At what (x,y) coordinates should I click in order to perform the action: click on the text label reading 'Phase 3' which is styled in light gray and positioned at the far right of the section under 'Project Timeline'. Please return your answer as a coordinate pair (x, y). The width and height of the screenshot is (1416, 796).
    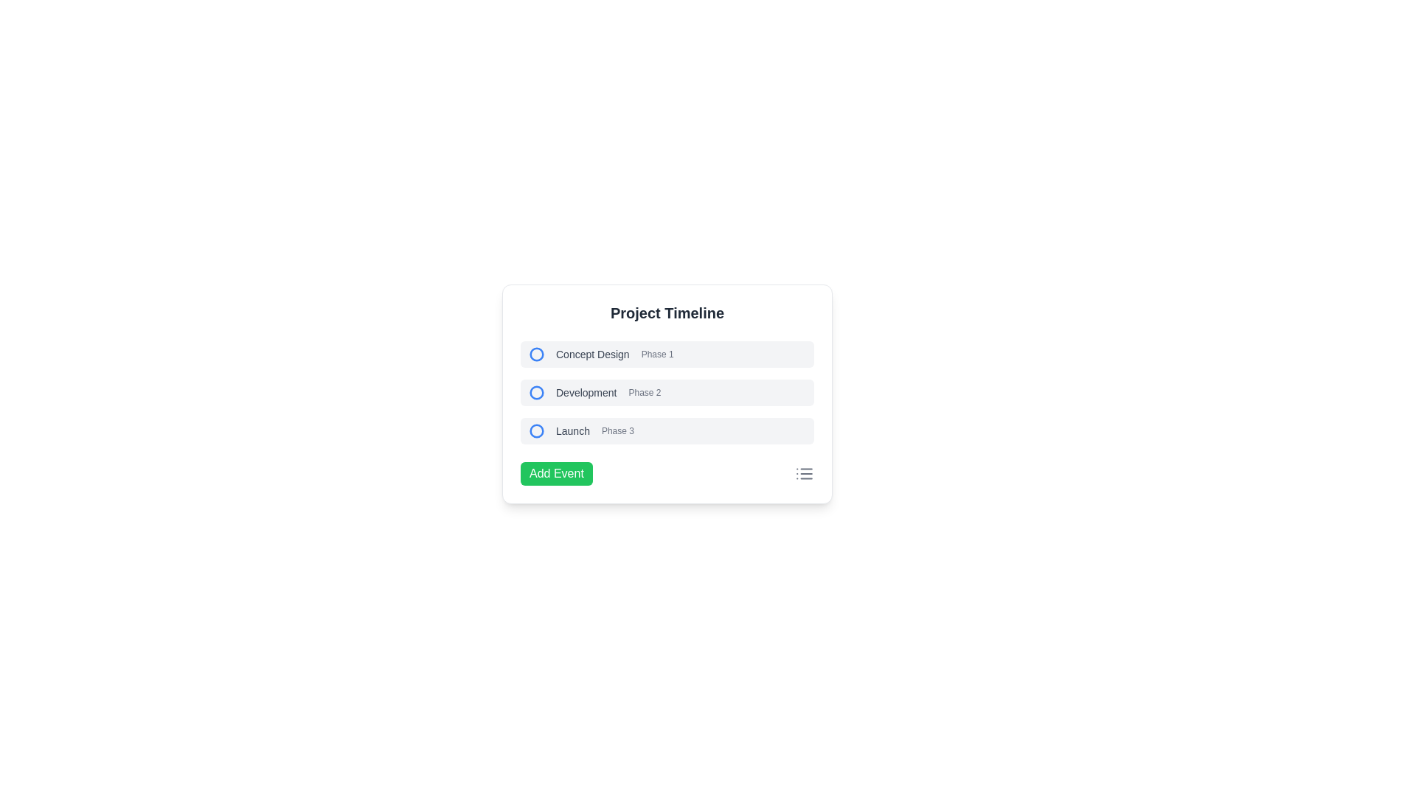
    Looking at the image, I should click on (617, 431).